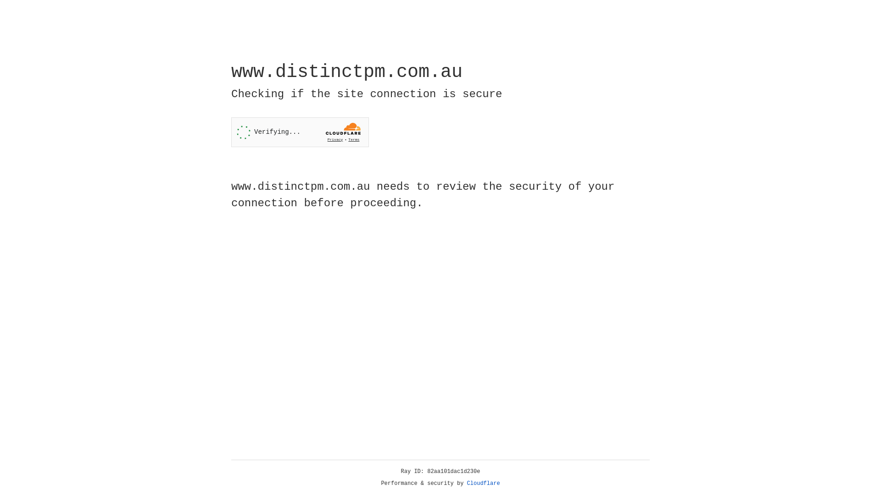  Describe the element at coordinates (300, 132) in the screenshot. I see `'Widget containing a Cloudflare security challenge'` at that location.